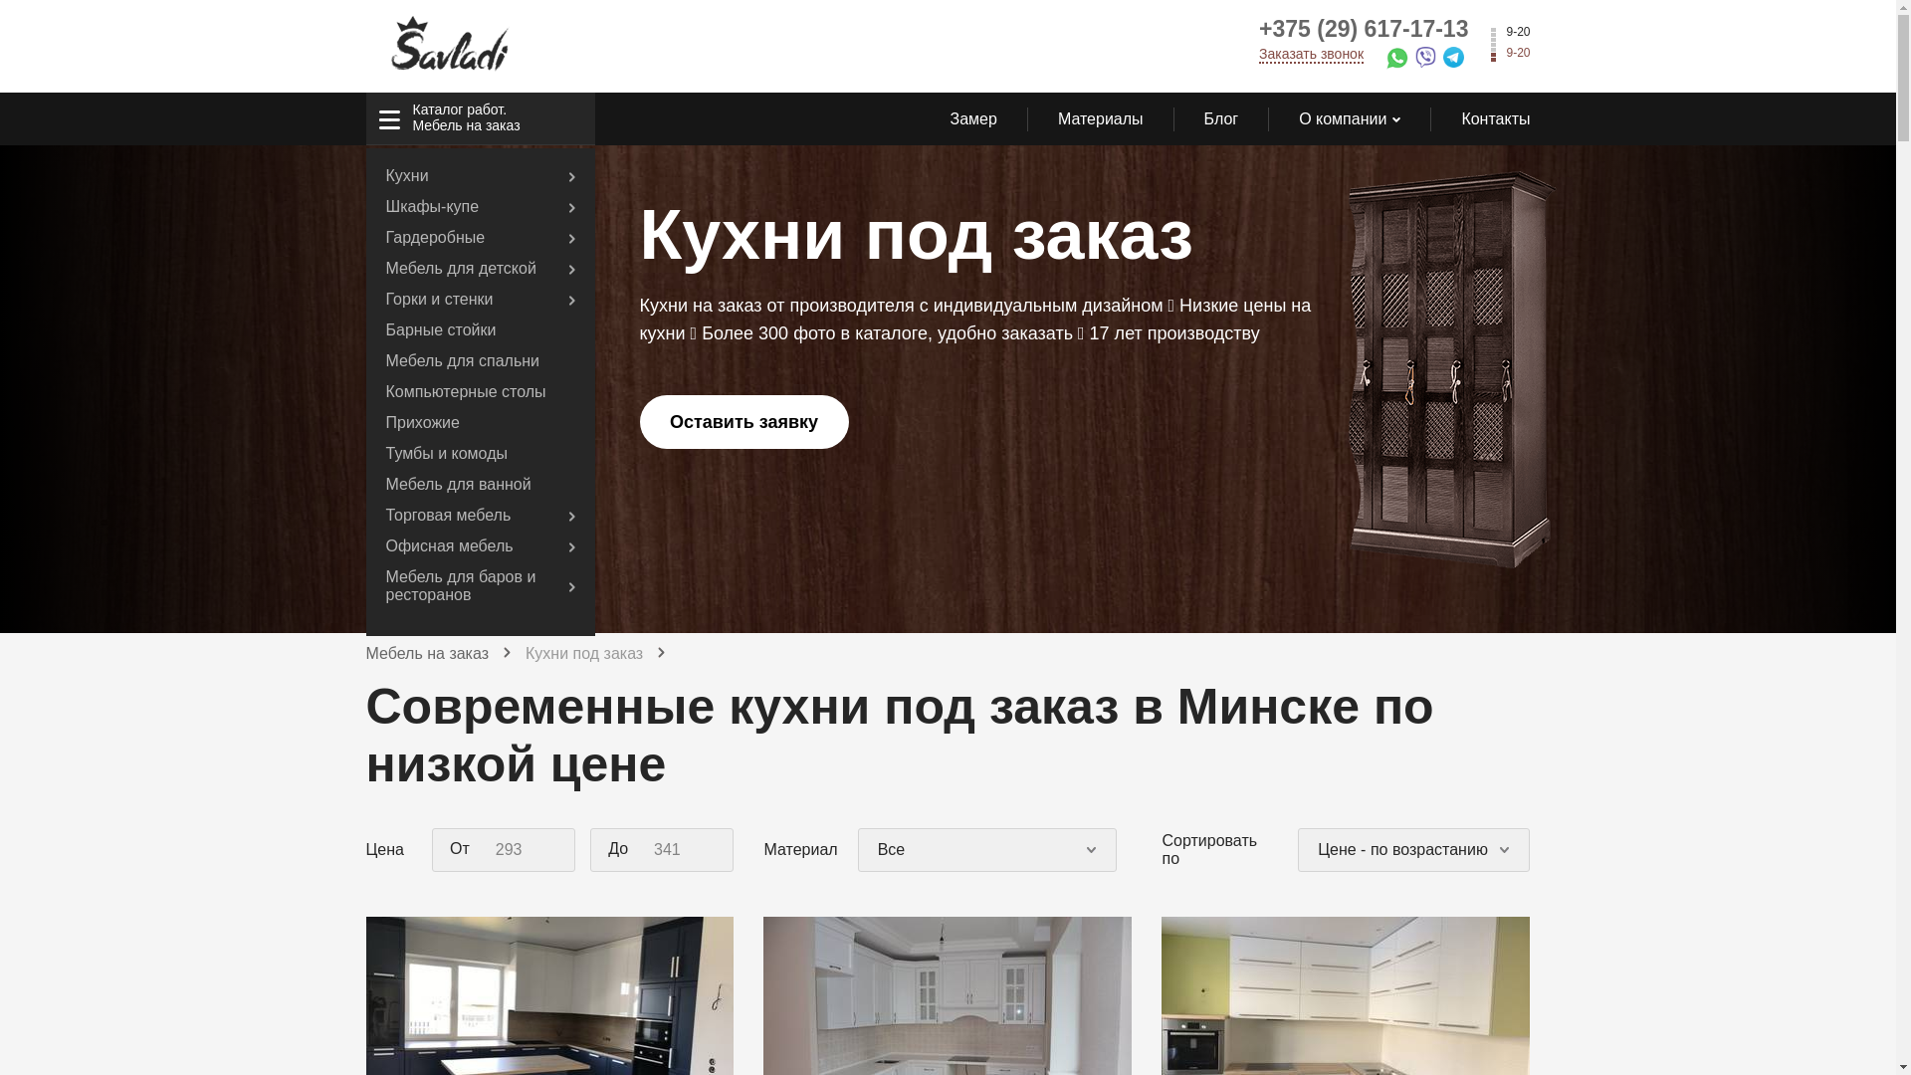 Image resolution: width=1911 pixels, height=1075 pixels. What do you see at coordinates (1428, 60) in the screenshot?
I see `'viber'` at bounding box center [1428, 60].